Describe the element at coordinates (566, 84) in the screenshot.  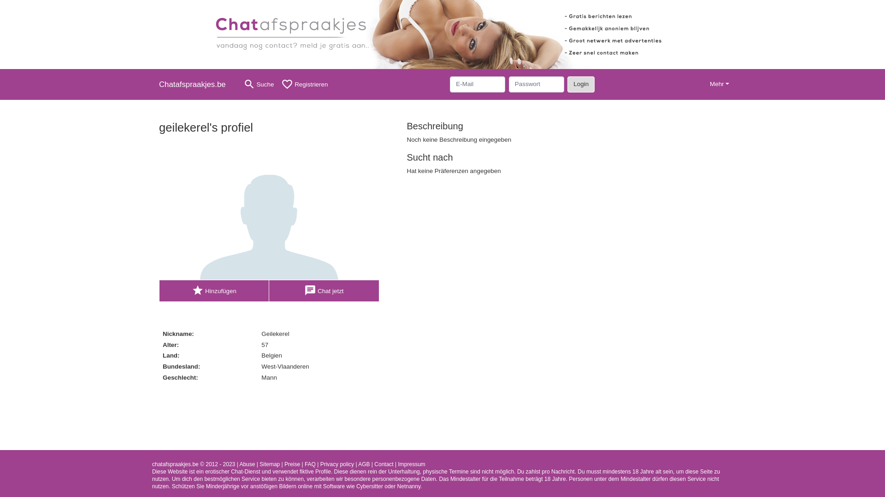
I see `'Login'` at that location.